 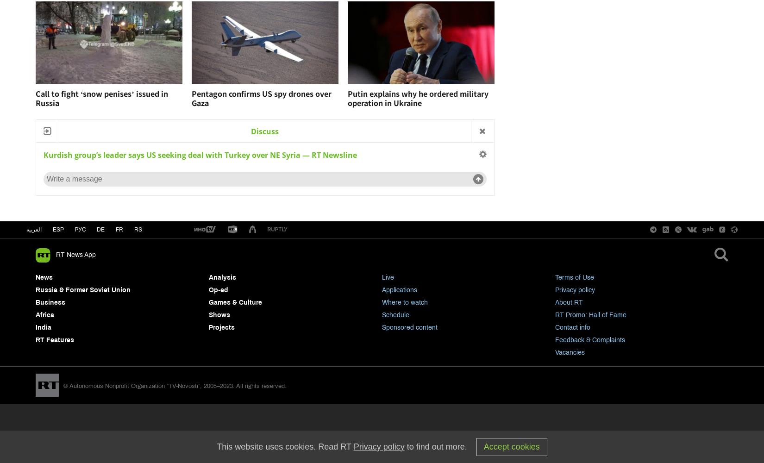 I want to click on '© Autonomous Nonprofit Organization “TV-Novosti”, 2005–2023. All rights reserved.', so click(x=175, y=386).